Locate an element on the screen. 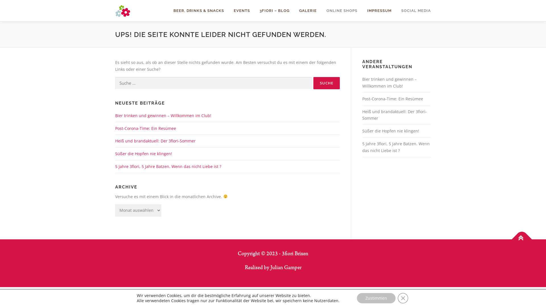 This screenshot has width=546, height=307. 'IMPRESSUM' is located at coordinates (362, 11).